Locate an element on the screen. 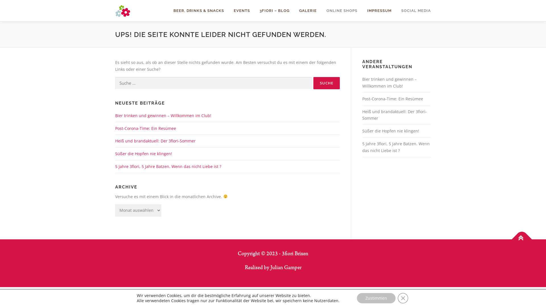 This screenshot has width=546, height=307. 'IMPRESSUM' is located at coordinates (362, 11).